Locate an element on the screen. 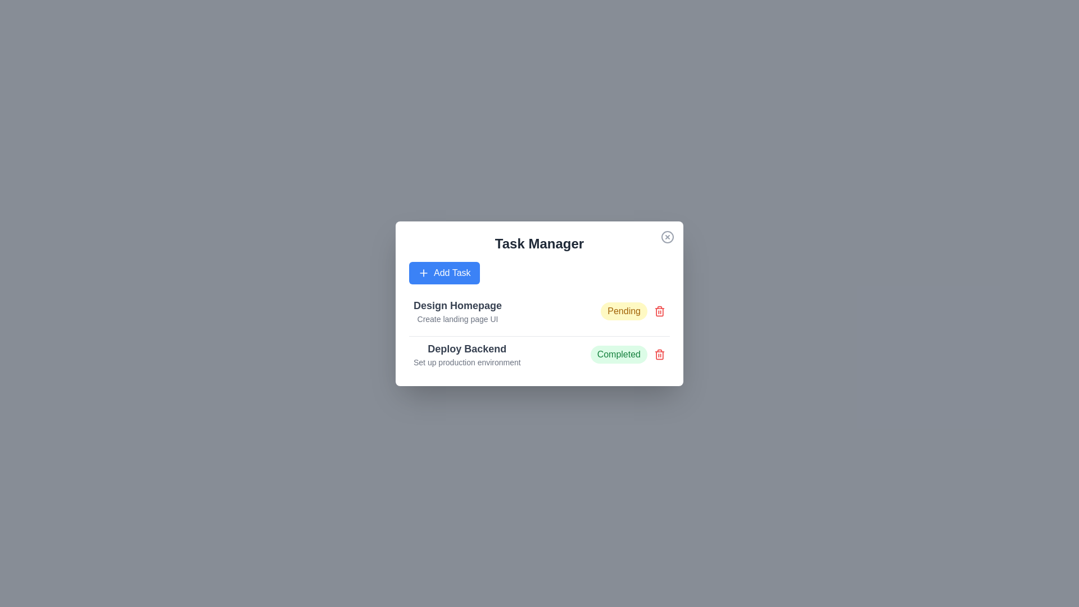 The height and width of the screenshot is (607, 1079). the text element that reads 'Create landing page UI', styled in small gray font, located directly below 'Design Homepage' in the 'Task Manager' area is located at coordinates (457, 319).